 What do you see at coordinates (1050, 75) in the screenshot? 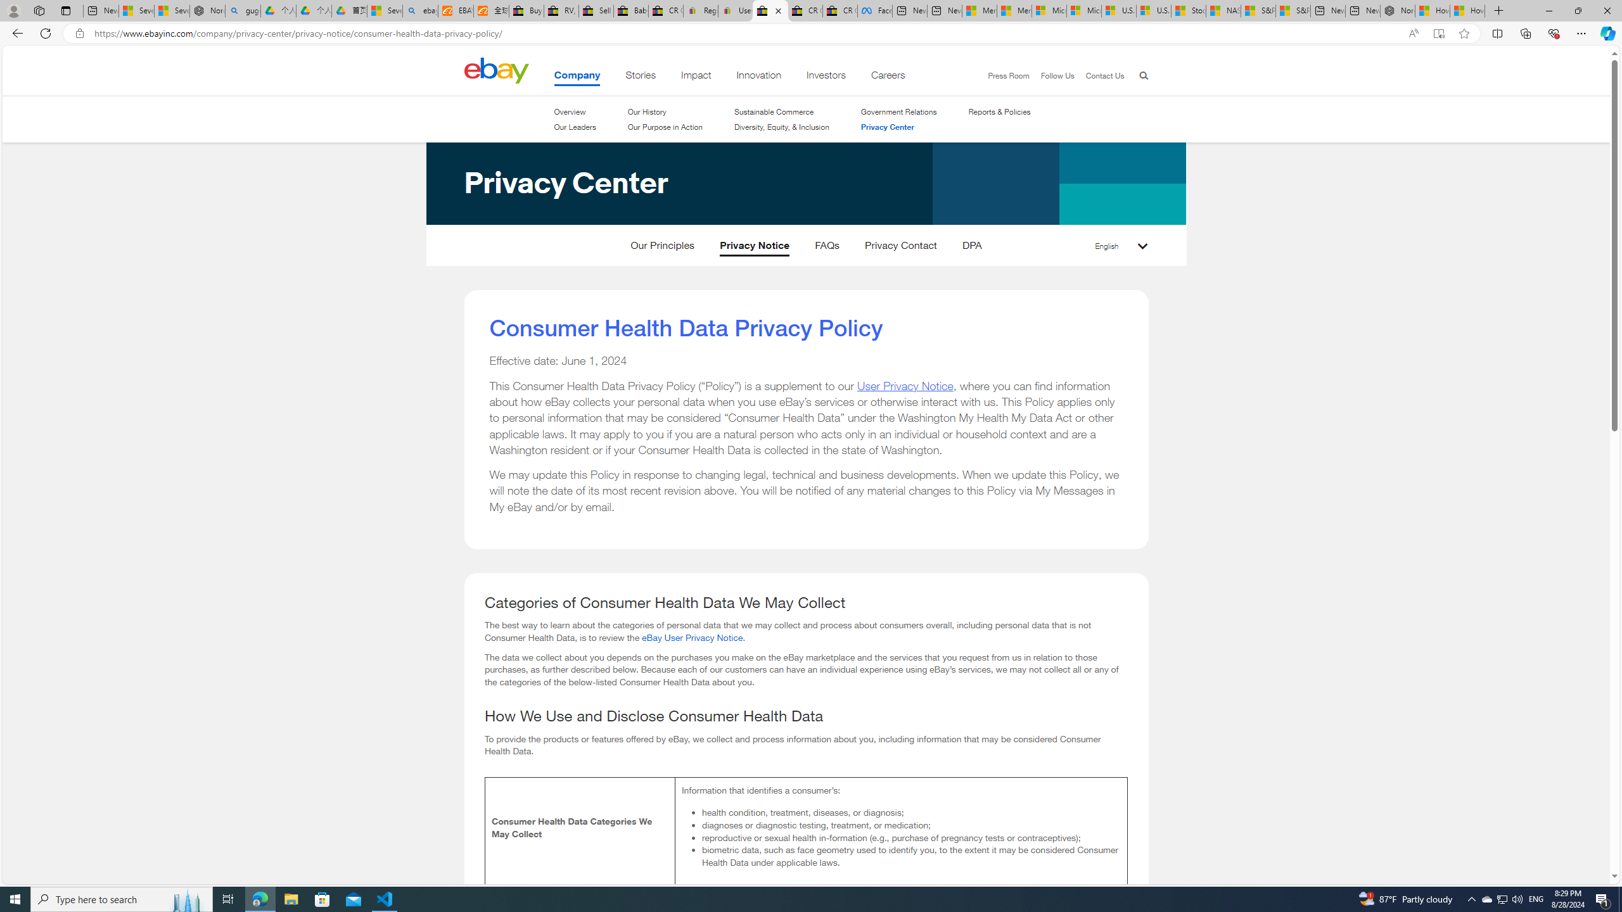
I see `'Follow Us'` at bounding box center [1050, 75].